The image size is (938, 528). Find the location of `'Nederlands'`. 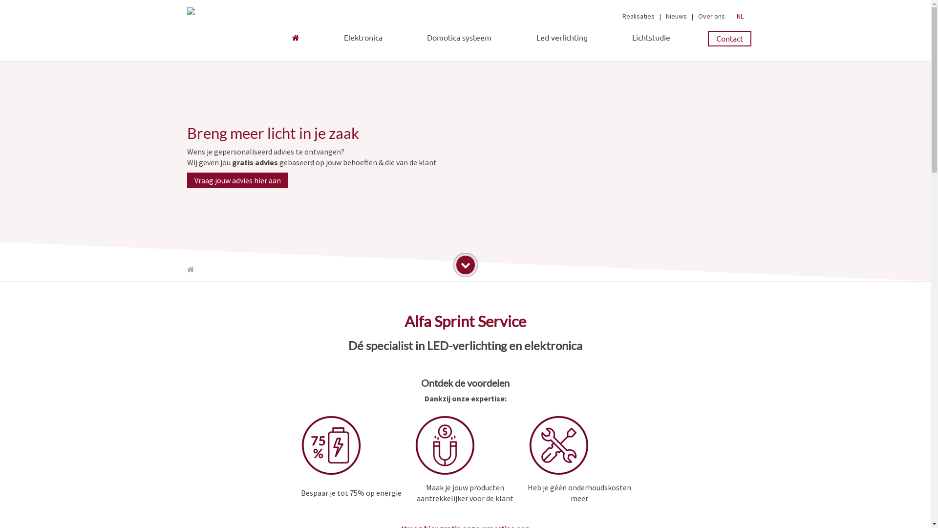

'Nederlands' is located at coordinates (734, 16).